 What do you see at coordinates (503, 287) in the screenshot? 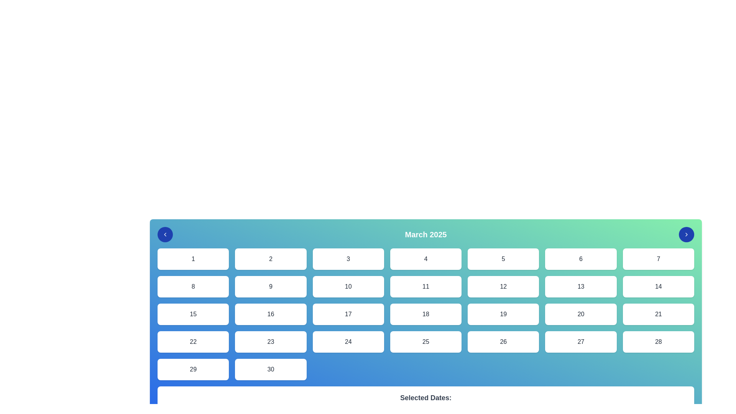
I see `the button representing the number '12' in the calendar interface` at bounding box center [503, 287].